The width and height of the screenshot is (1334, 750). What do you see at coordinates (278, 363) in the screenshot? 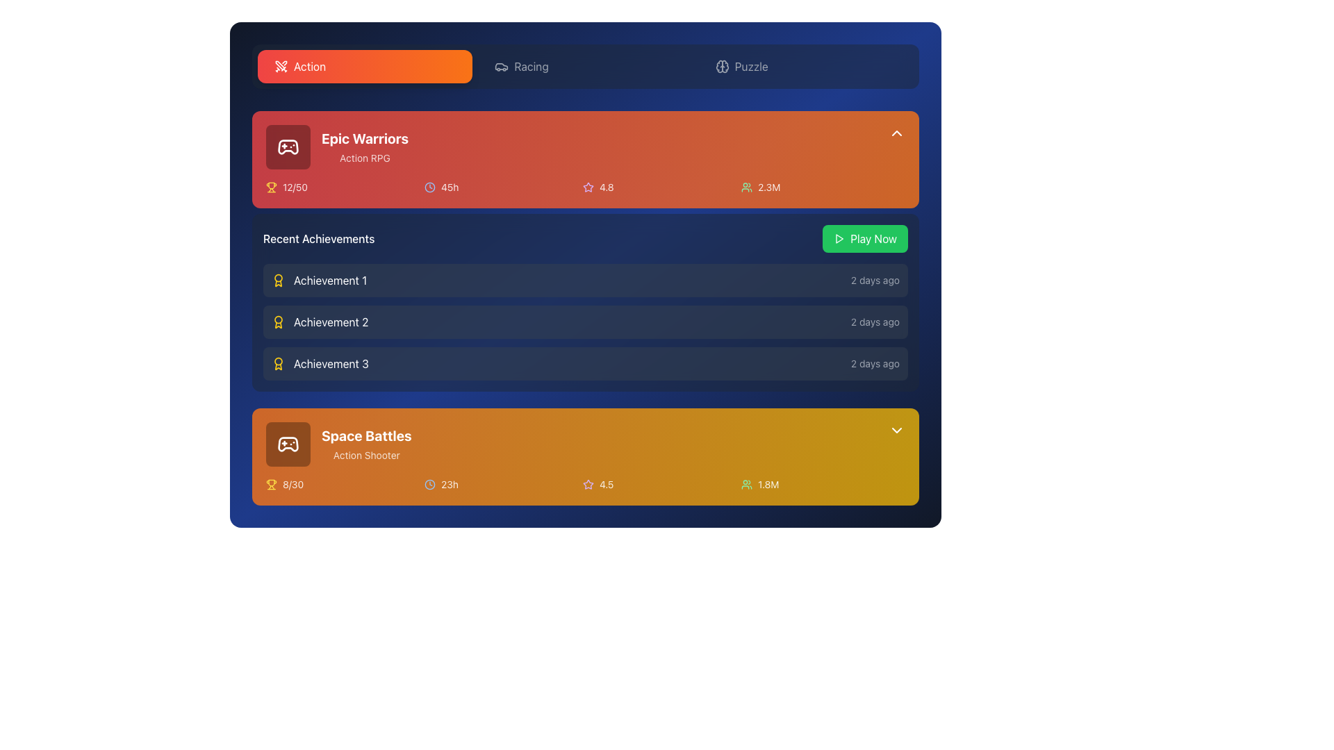
I see `the small, stylized award icon resembling a yellow badge located to the left of the text 'Achievement 3' in the 'Recent Achievements' section` at bounding box center [278, 363].